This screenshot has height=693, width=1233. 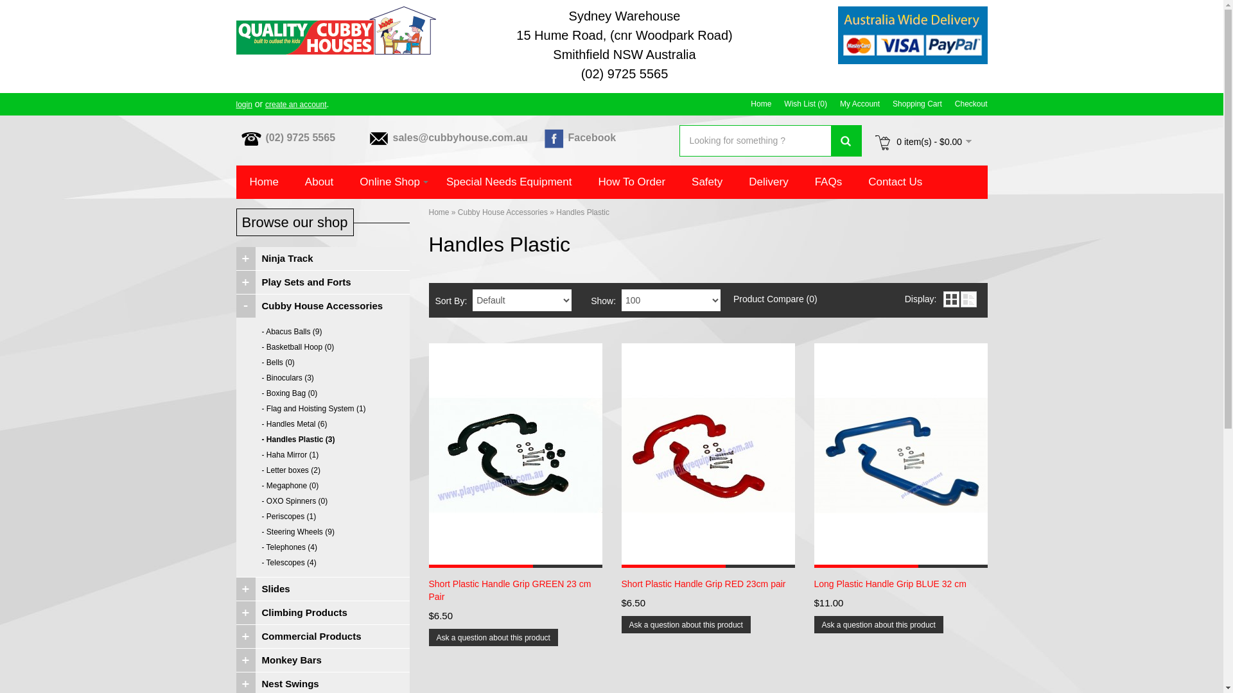 What do you see at coordinates (900, 454) in the screenshot?
I see `'Long Plastic Handle Grip BLUE 32 cm '` at bounding box center [900, 454].